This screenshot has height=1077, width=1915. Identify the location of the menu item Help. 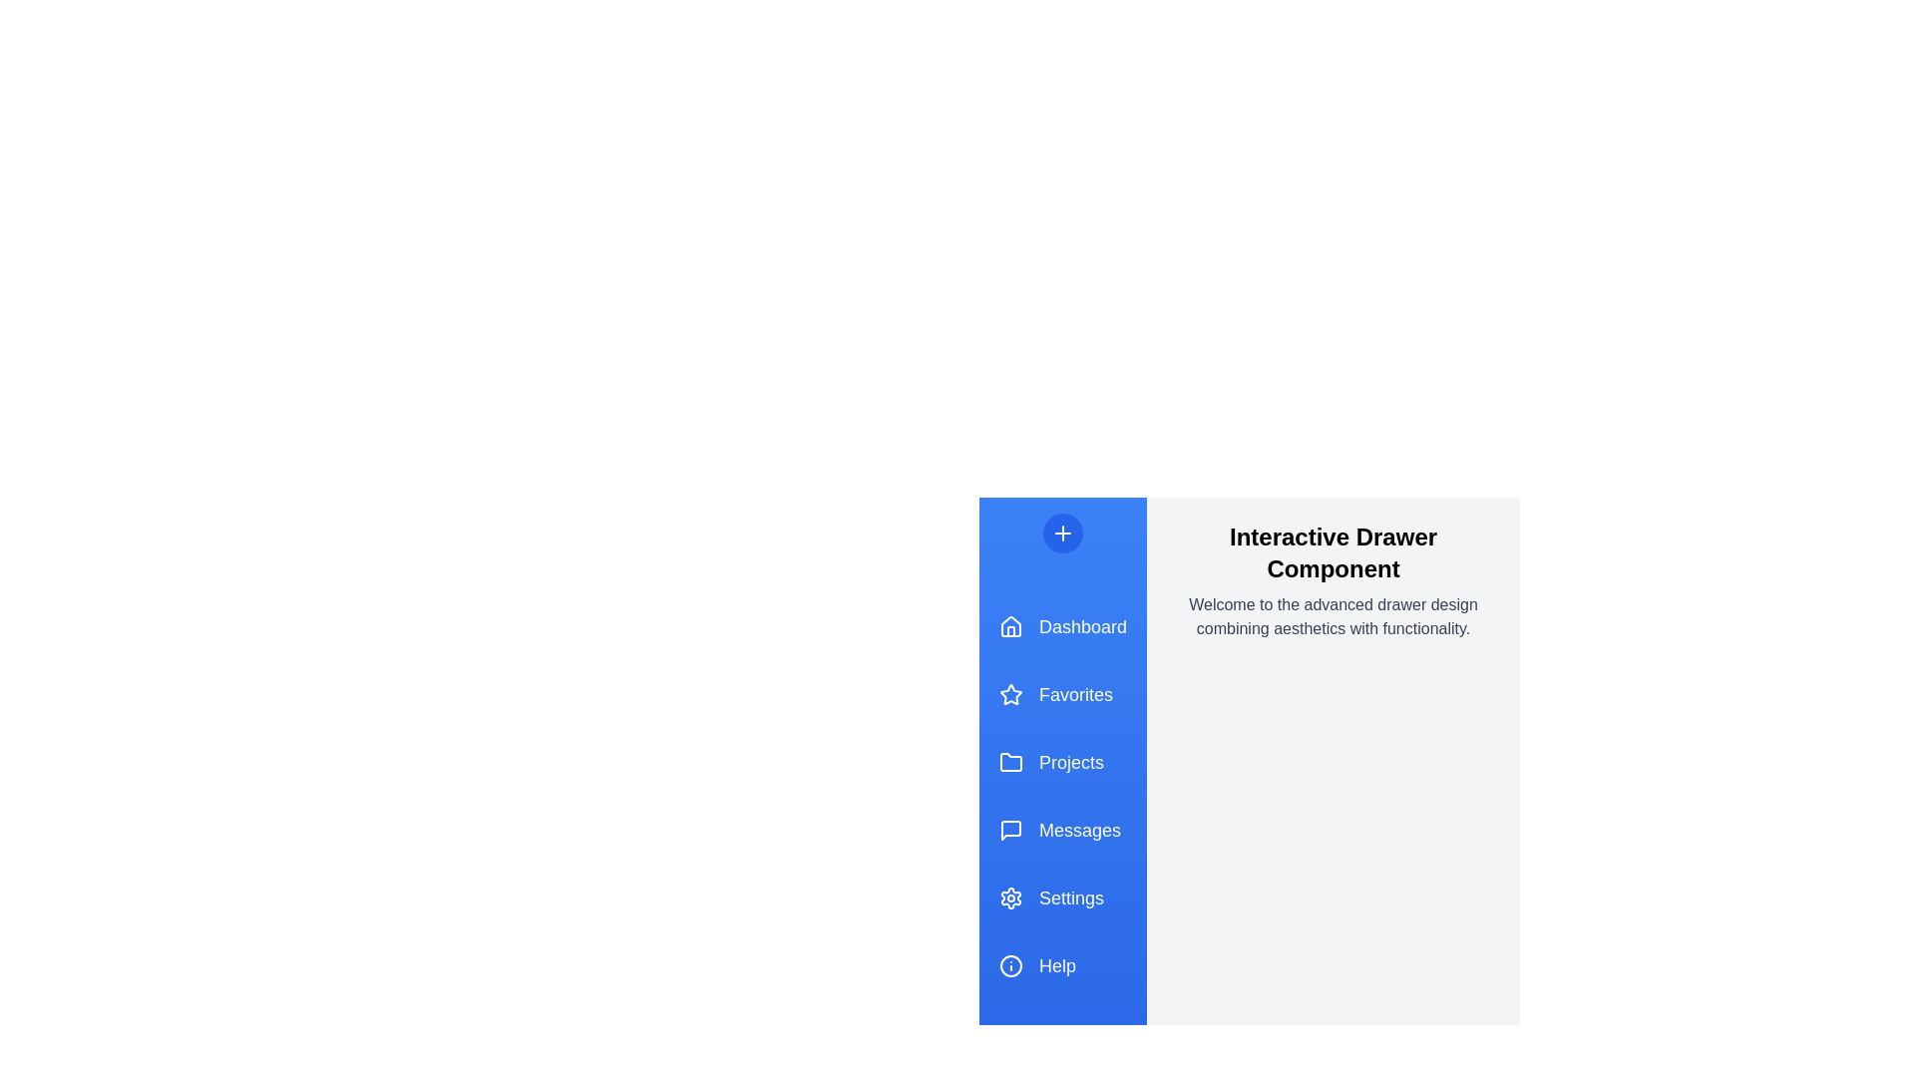
(1061, 964).